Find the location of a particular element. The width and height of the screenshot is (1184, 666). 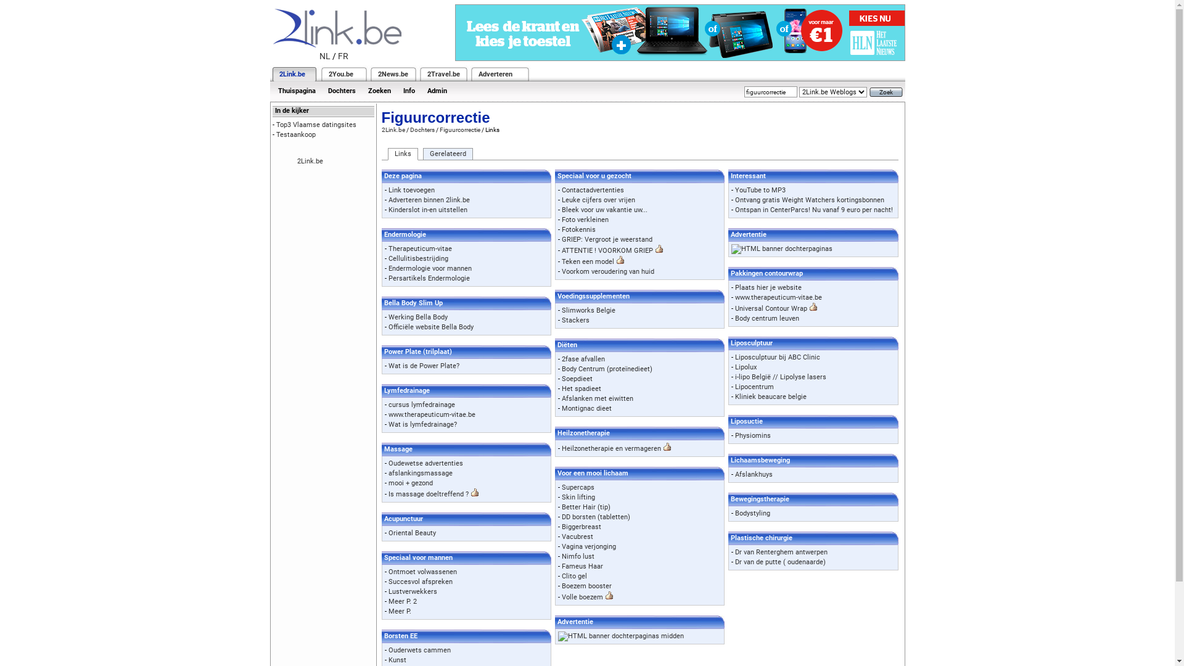

'Body centrum leuven' is located at coordinates (766, 318).